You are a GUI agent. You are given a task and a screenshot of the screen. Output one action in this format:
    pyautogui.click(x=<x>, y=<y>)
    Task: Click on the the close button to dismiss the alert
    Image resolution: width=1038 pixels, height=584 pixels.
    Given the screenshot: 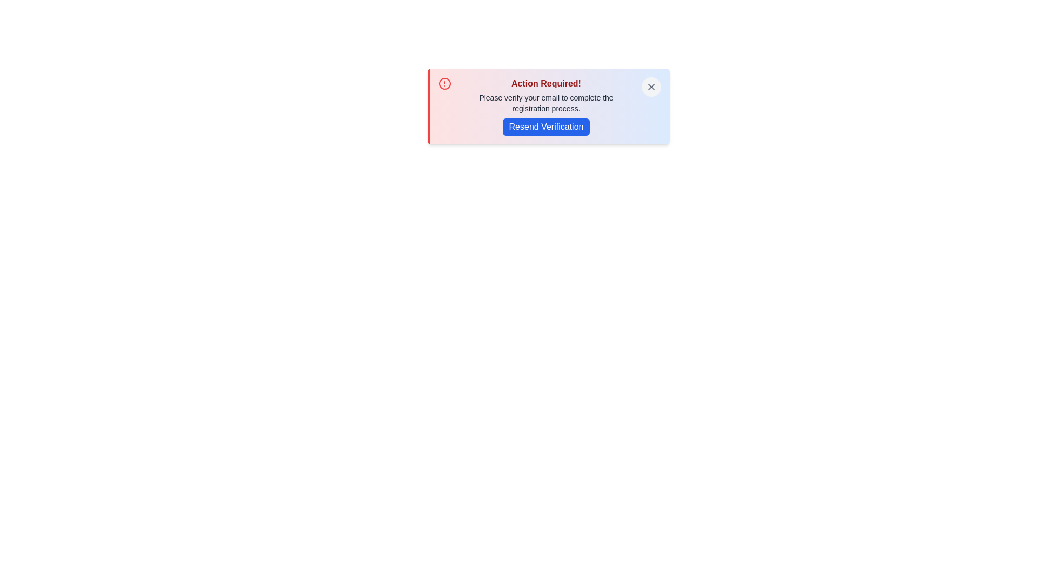 What is the action you would take?
    pyautogui.click(x=650, y=87)
    